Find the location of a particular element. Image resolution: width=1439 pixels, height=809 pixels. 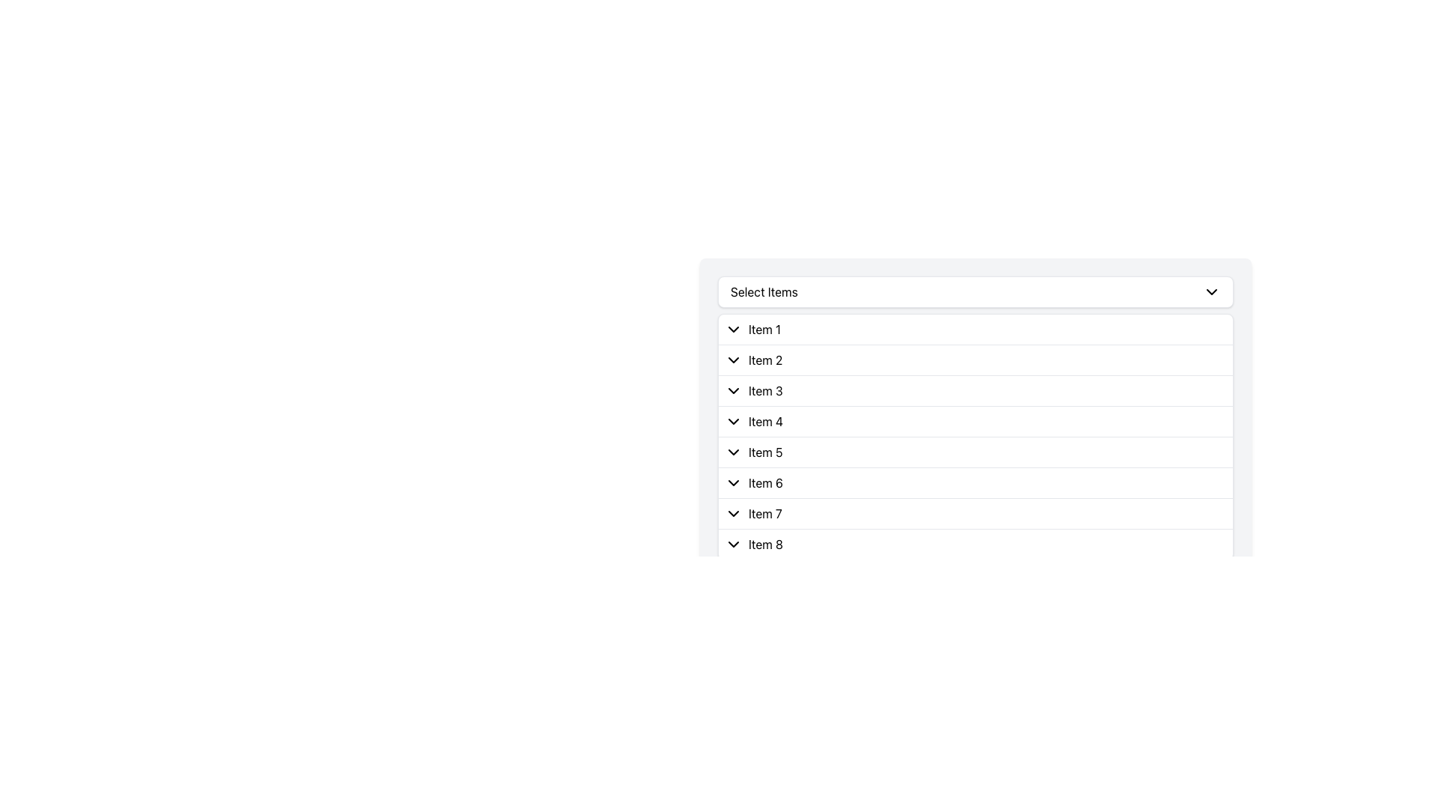

the text label displaying 'Item 7', which is positioned horizontally to the right of a downward-pointing chevron icon in the seventh row of the dropdown list is located at coordinates (765, 513).